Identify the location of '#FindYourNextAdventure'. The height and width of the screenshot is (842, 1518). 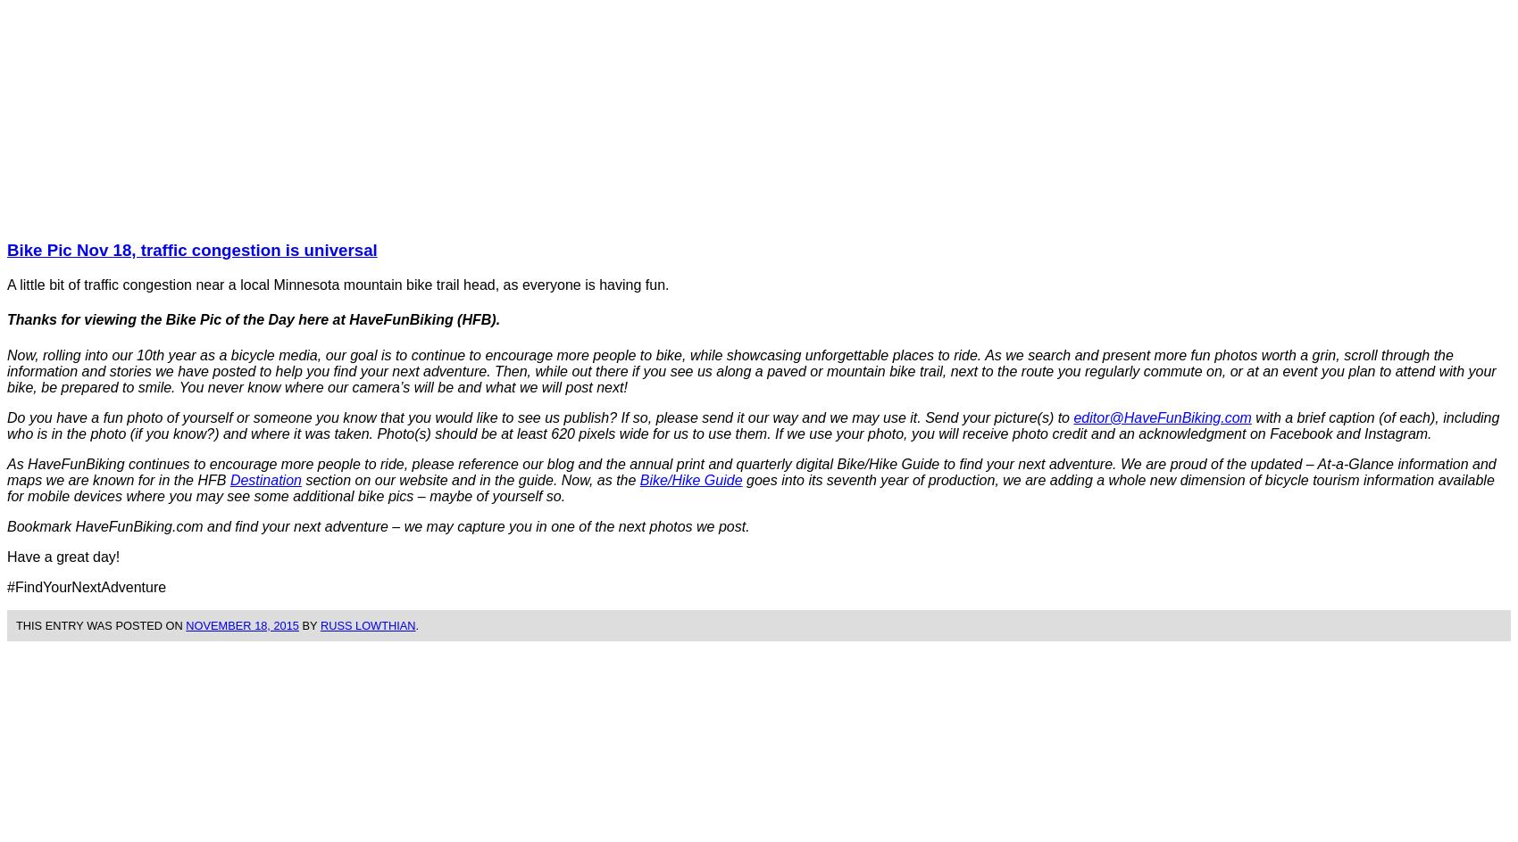
(6, 585).